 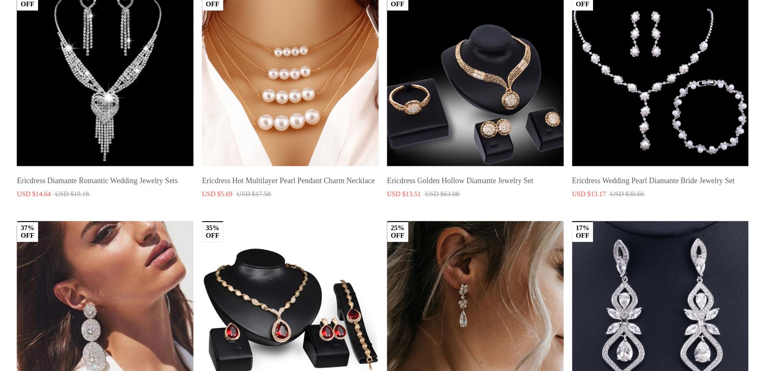 What do you see at coordinates (34, 339) in the screenshot?
I see `'About Us'` at bounding box center [34, 339].